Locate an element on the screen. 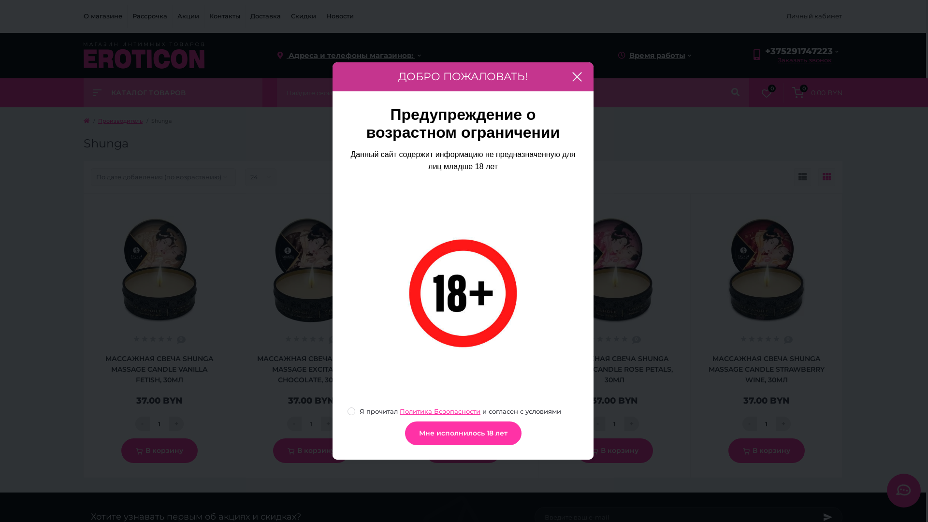  '-' is located at coordinates (294, 423).